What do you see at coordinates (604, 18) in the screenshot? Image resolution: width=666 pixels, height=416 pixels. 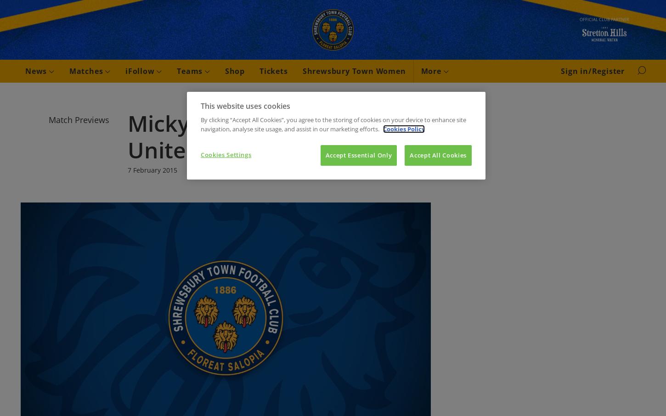 I see `'Official club partner'` at bounding box center [604, 18].